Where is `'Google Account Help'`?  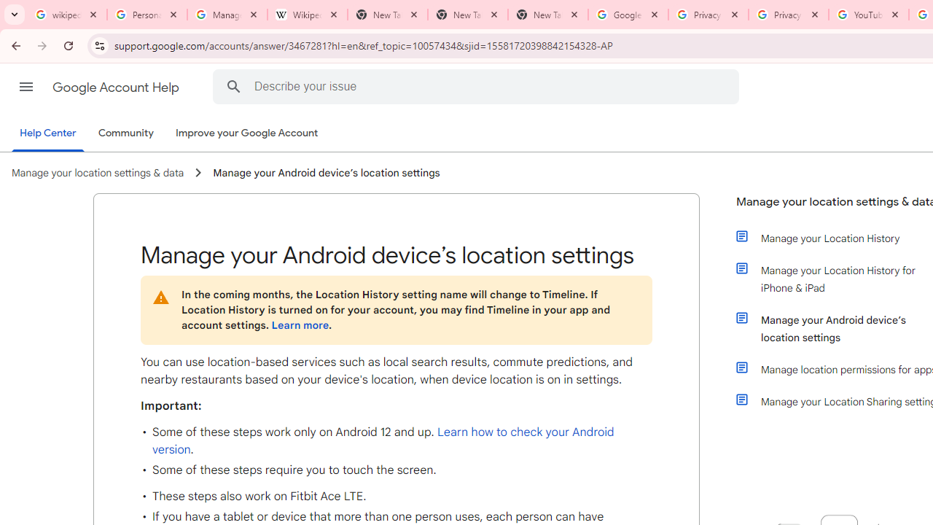 'Google Account Help' is located at coordinates (117, 87).